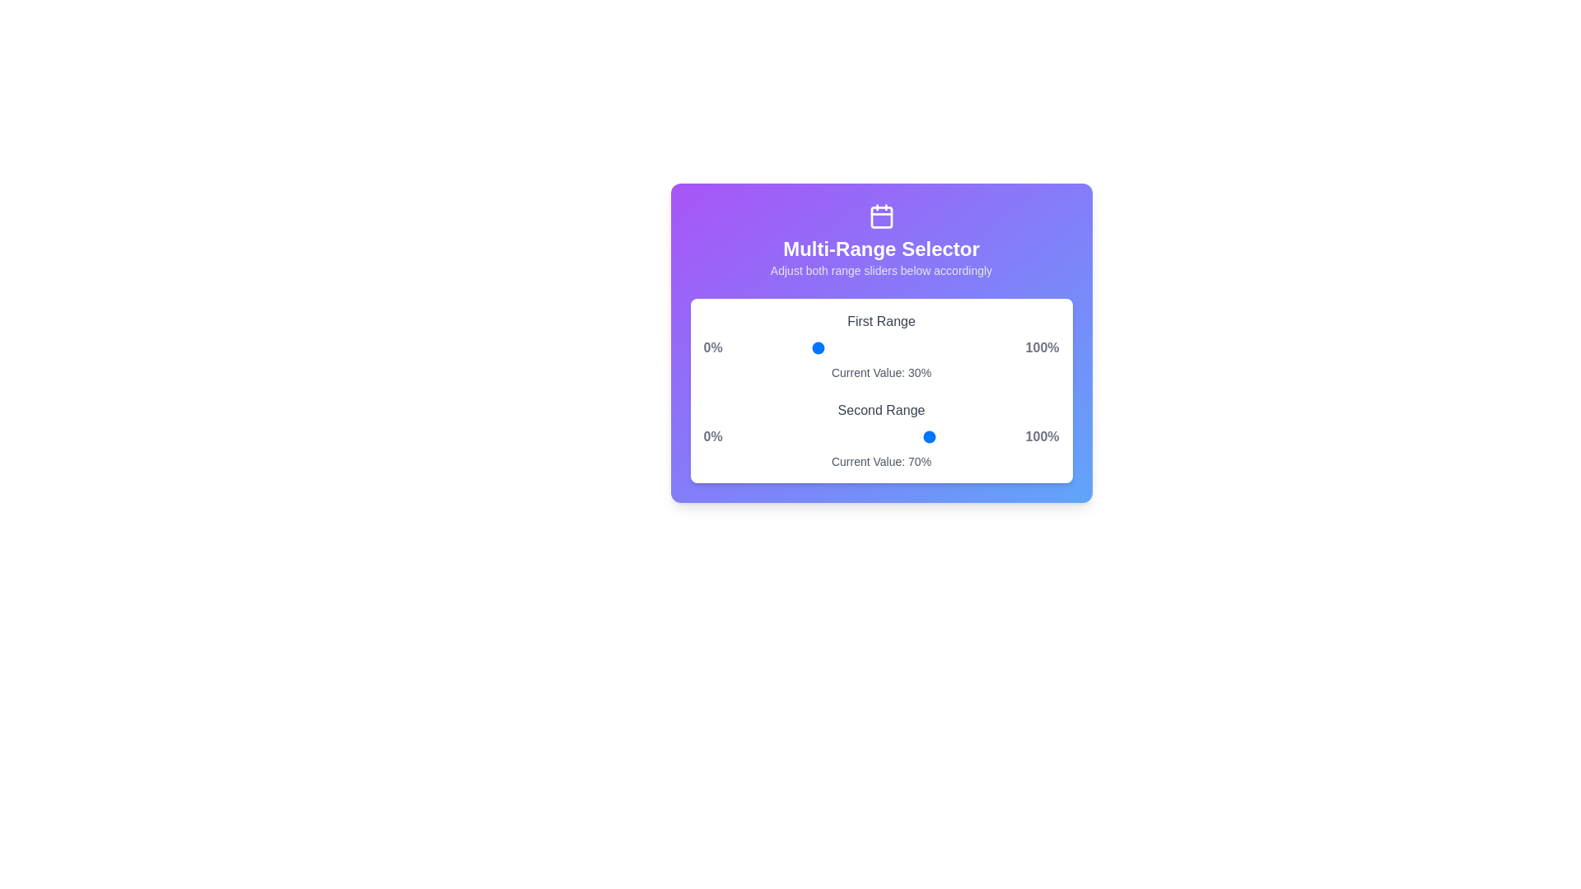 The height and width of the screenshot is (889, 1581). I want to click on instructions provided by the instruction label located below the 'Multi-Range Selector' text, which is centered within the purple gradient background card, so click(880, 269).